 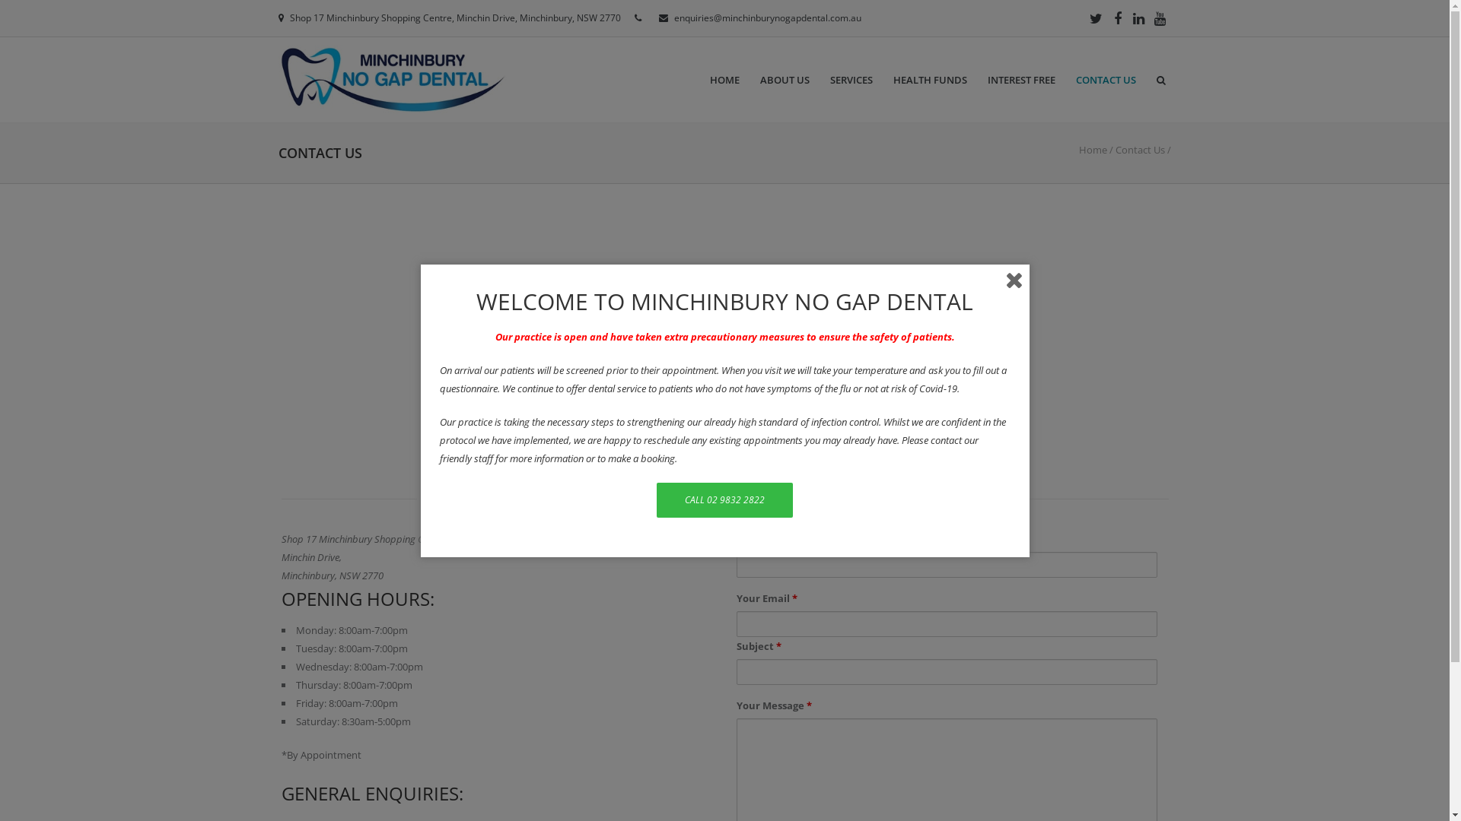 What do you see at coordinates (724, 80) in the screenshot?
I see `'HOME'` at bounding box center [724, 80].